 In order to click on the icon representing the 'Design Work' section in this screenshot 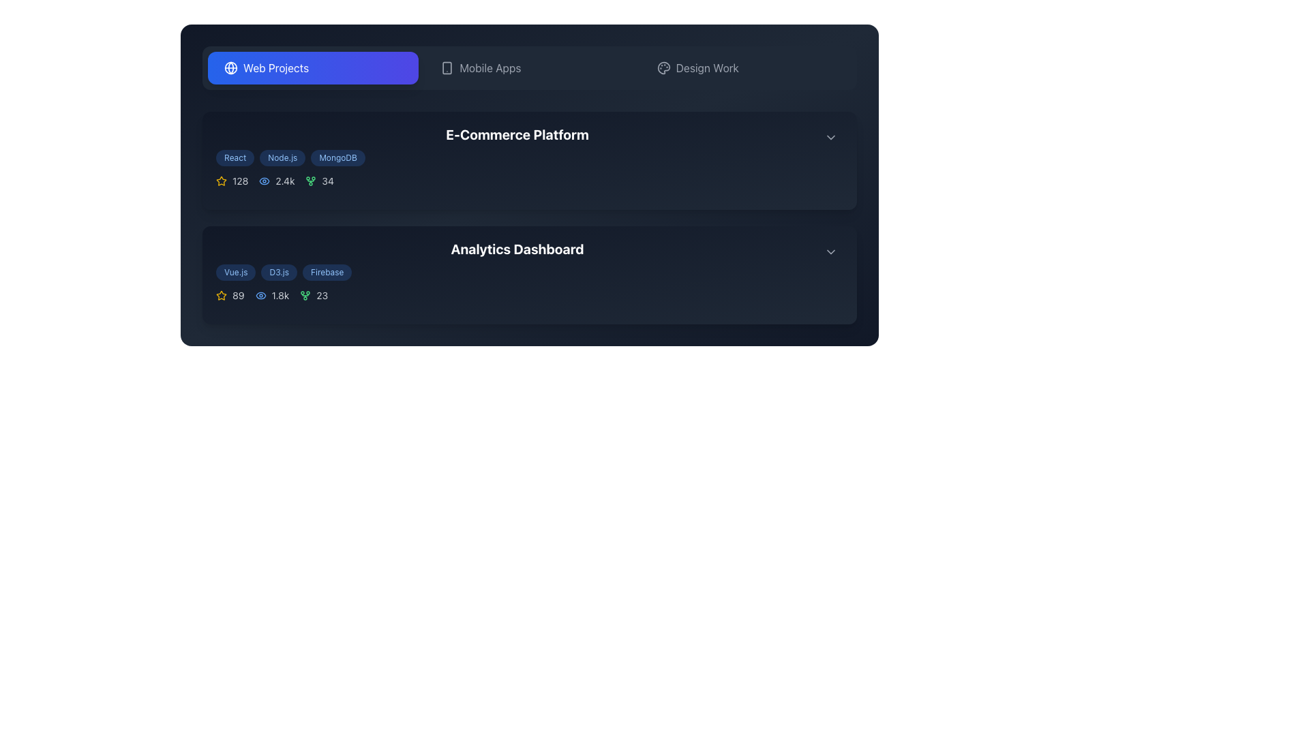, I will do `click(663, 68)`.